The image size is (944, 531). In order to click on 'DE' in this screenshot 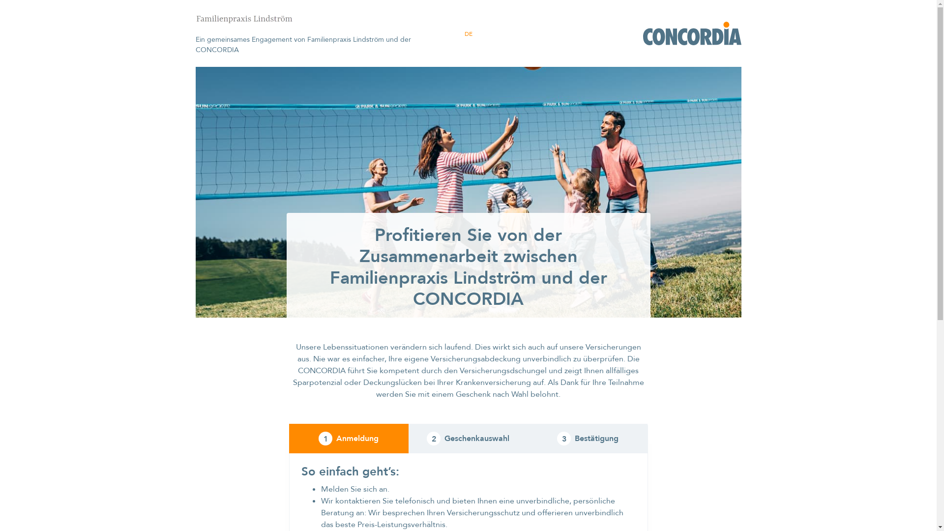, I will do `click(467, 33)`.